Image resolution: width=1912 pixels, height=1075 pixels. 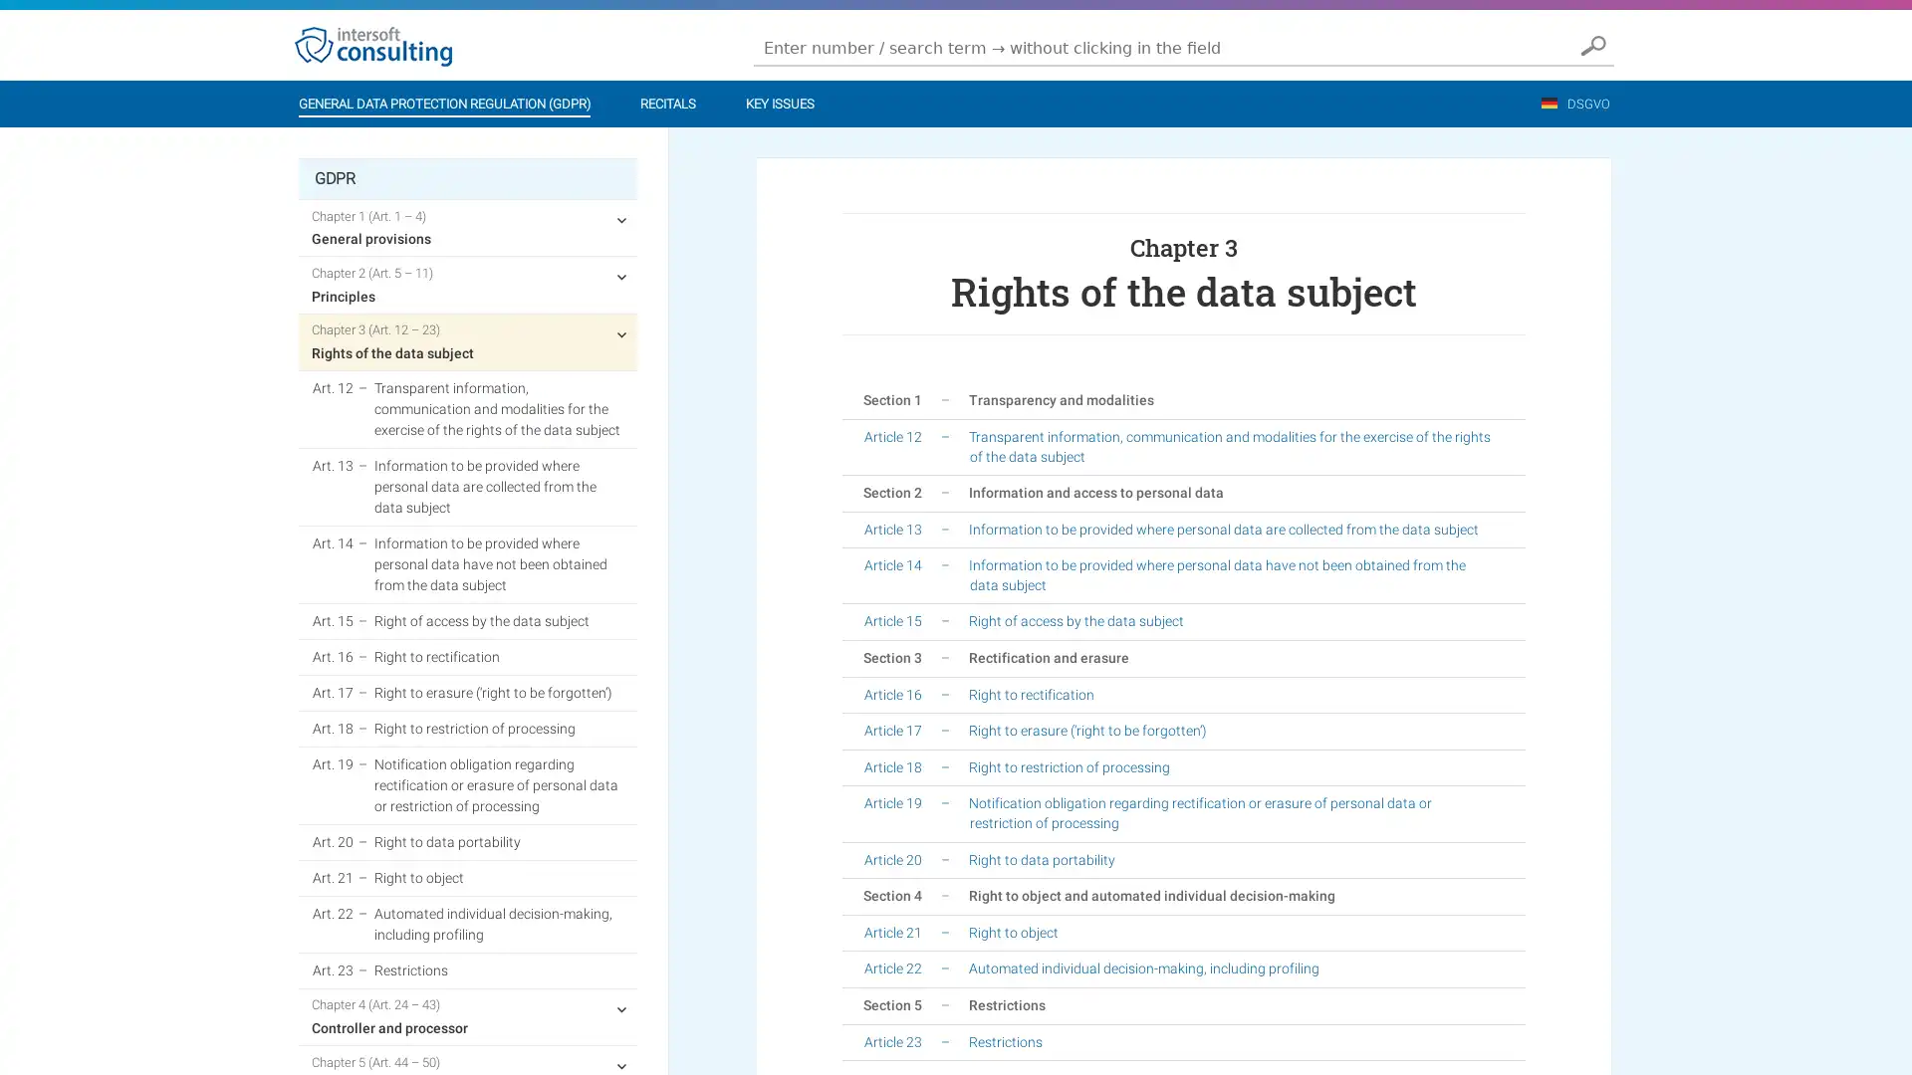 What do you see at coordinates (620, 1008) in the screenshot?
I see `expand child menu` at bounding box center [620, 1008].